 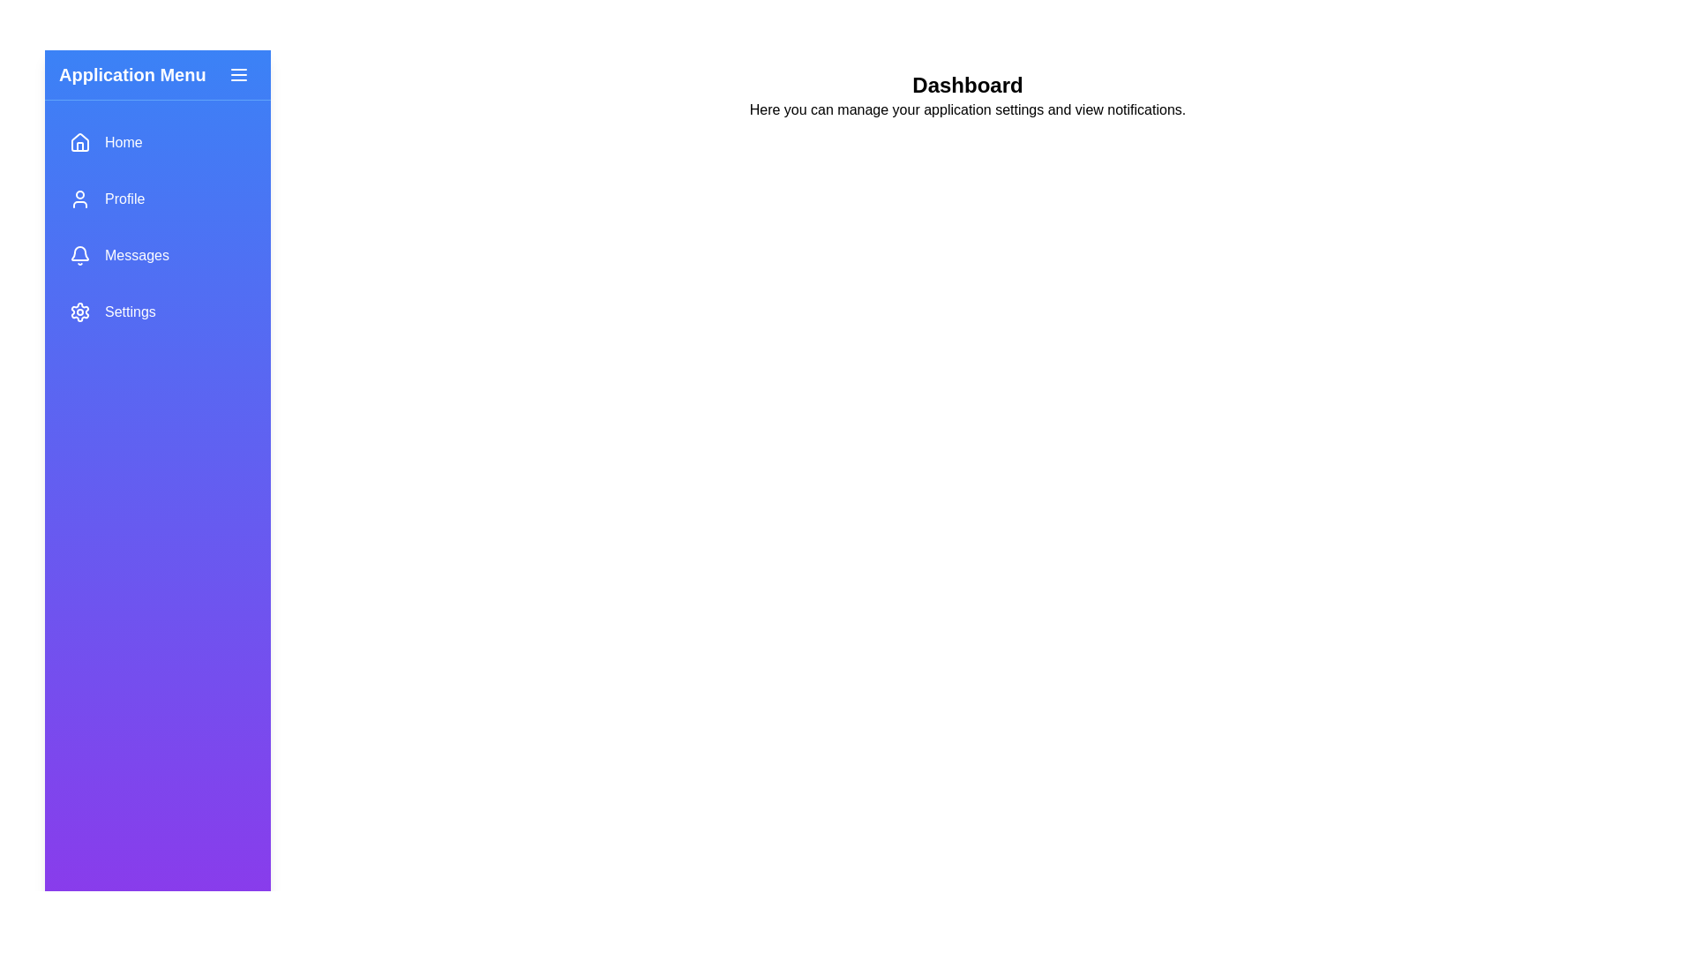 I want to click on the 'Settings' button, which has a blue background, rounded edges, and is located in the vertical navigation menu as the last option, so click(x=157, y=311).